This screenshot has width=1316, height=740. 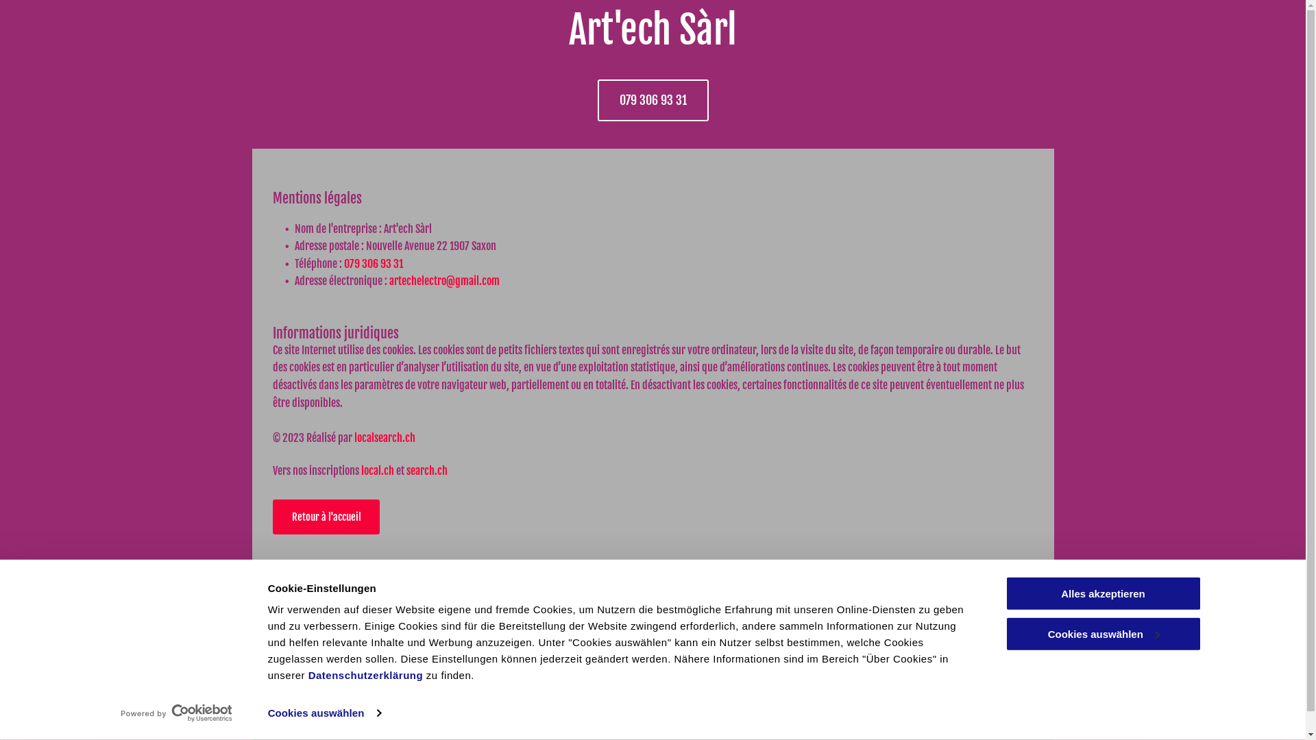 I want to click on 'Alles akzeptieren', so click(x=1102, y=593).